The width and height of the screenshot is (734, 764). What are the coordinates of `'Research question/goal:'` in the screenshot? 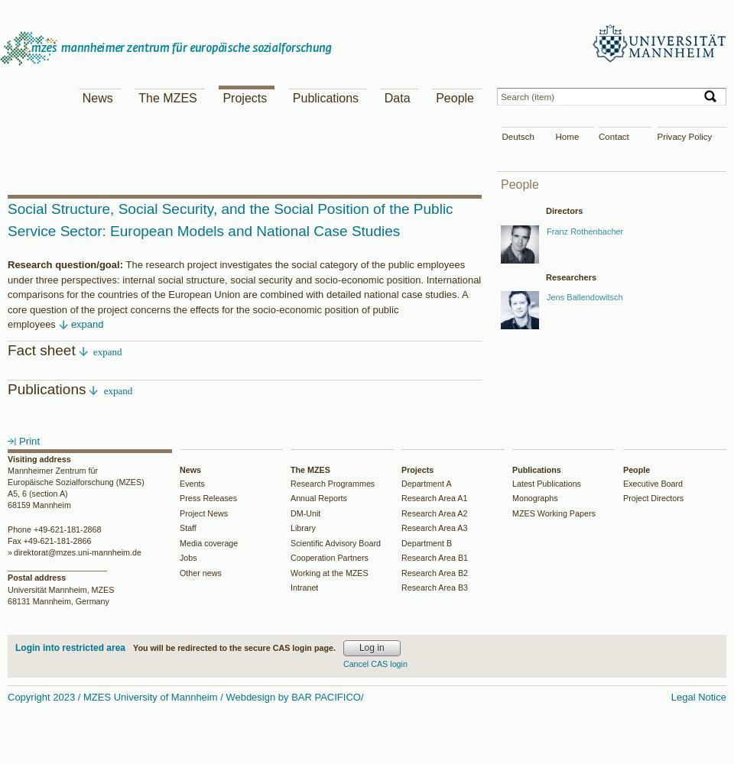 It's located at (66, 264).